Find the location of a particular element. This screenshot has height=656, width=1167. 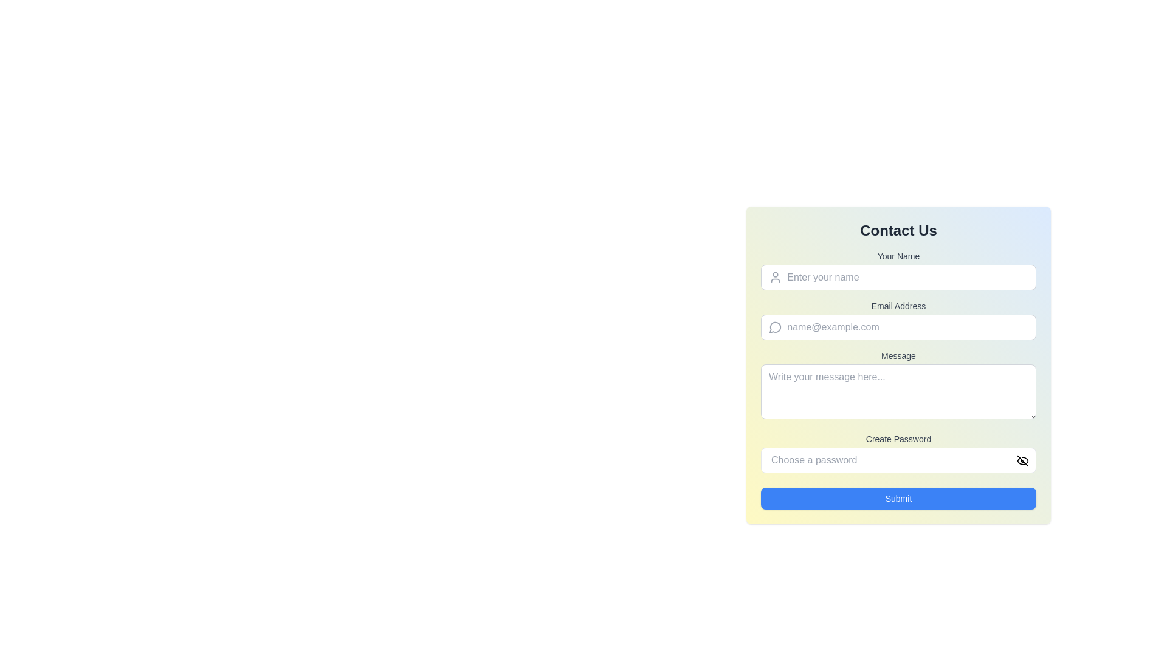

the email input field in the 'Contact Us' form is located at coordinates (907, 327).